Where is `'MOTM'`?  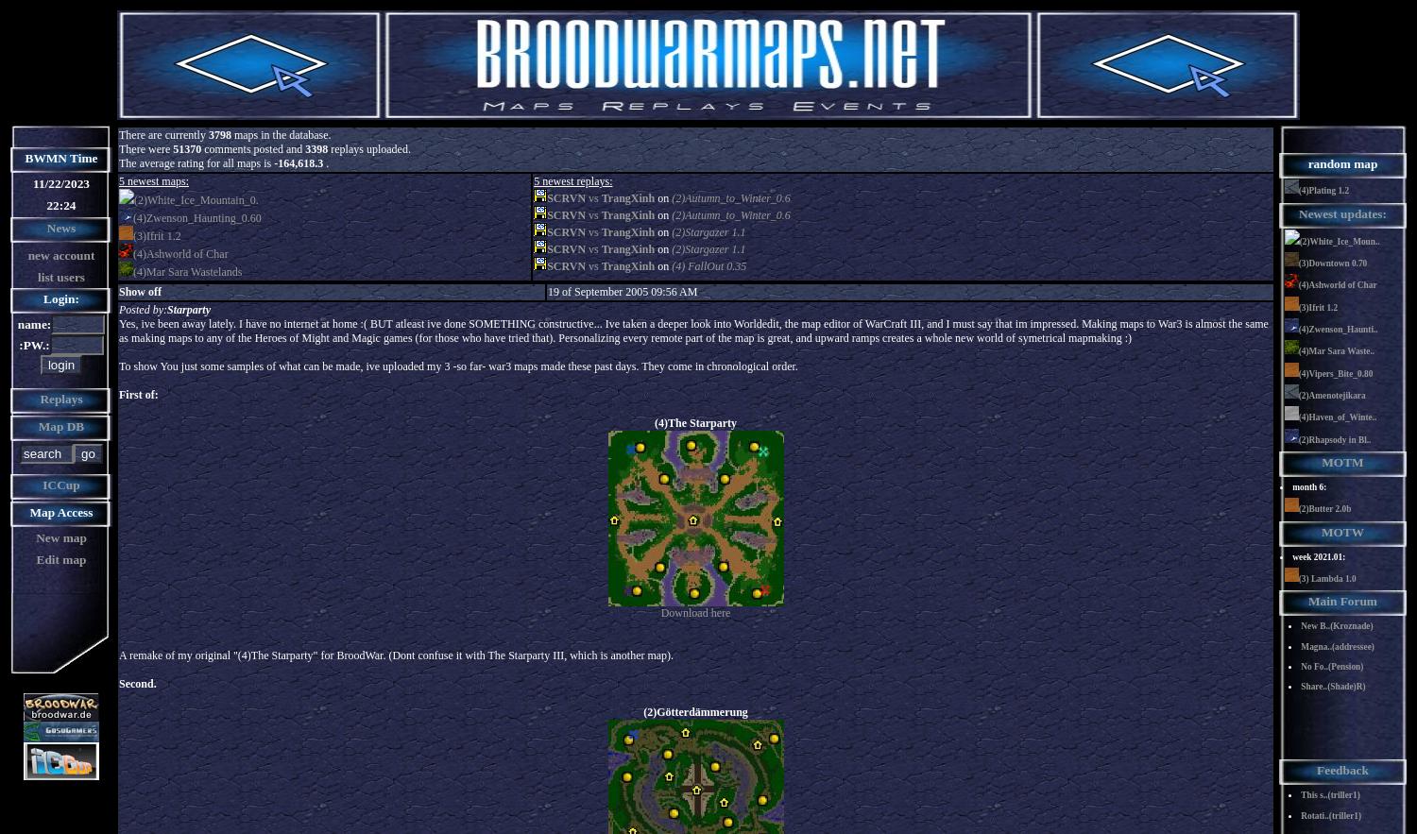 'MOTM' is located at coordinates (1341, 461).